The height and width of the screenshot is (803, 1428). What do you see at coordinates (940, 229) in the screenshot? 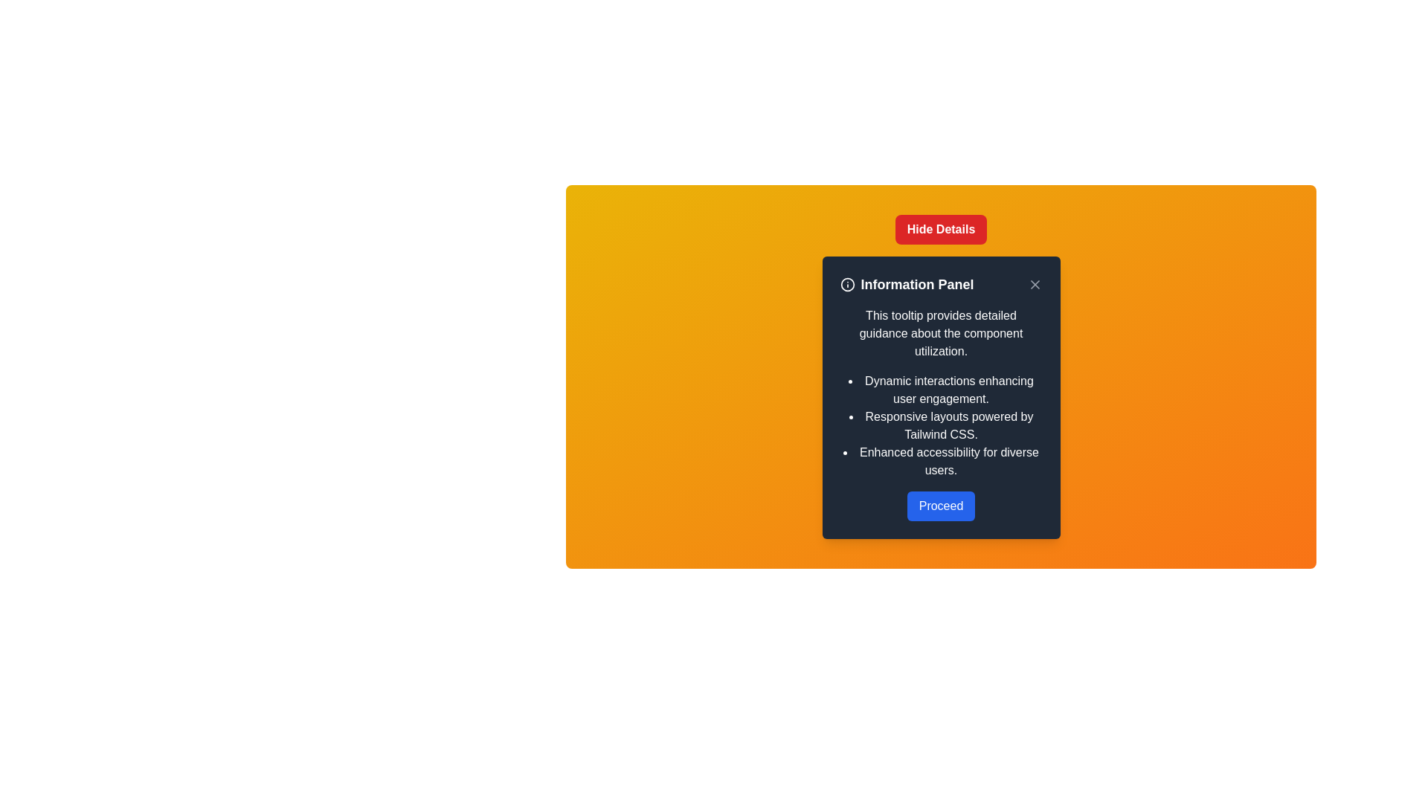
I see `the rectangular button with a red background and white bold text reading 'Hide Details' to observe its hover effect` at bounding box center [940, 229].